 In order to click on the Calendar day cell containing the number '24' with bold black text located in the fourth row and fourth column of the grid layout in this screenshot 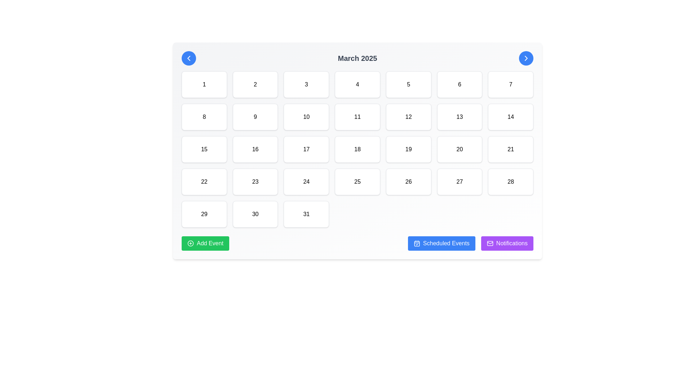, I will do `click(306, 182)`.